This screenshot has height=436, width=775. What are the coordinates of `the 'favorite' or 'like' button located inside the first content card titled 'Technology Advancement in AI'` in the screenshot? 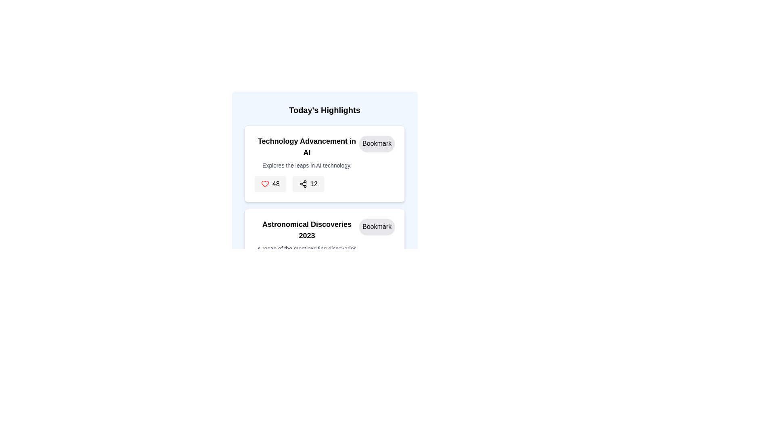 It's located at (265, 184).